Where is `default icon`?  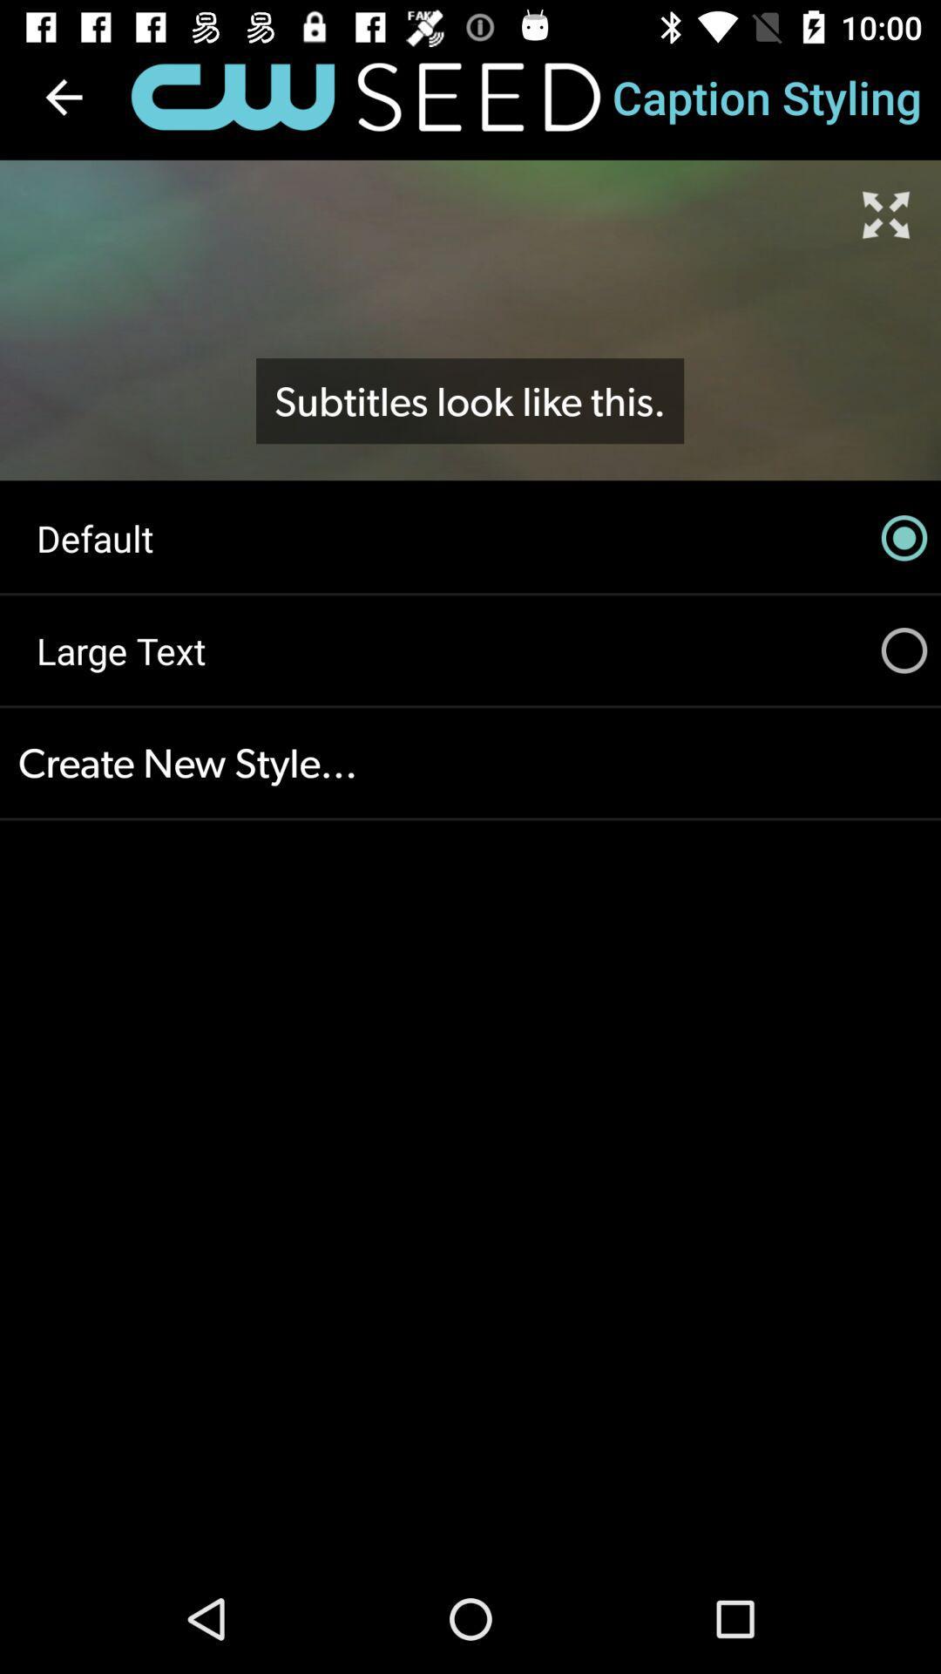
default icon is located at coordinates (470, 537).